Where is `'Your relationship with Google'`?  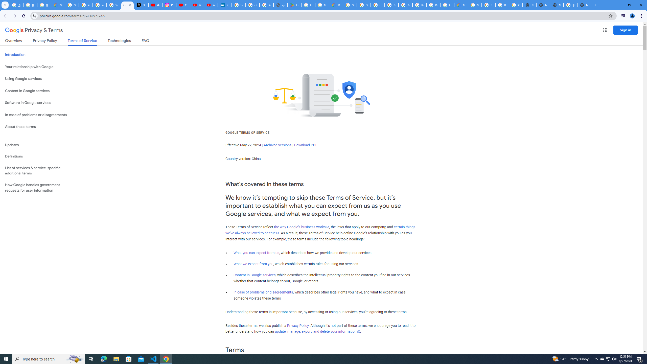
'Your relationship with Google' is located at coordinates (38, 67).